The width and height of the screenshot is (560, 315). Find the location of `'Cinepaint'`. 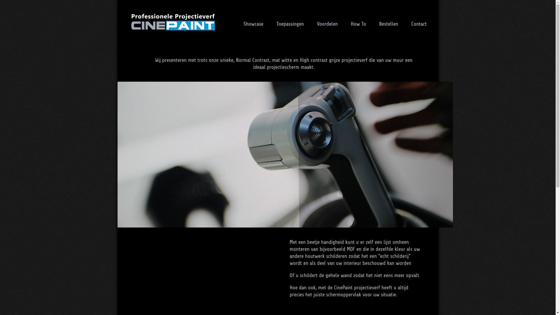

'Cinepaint' is located at coordinates (172, 21).